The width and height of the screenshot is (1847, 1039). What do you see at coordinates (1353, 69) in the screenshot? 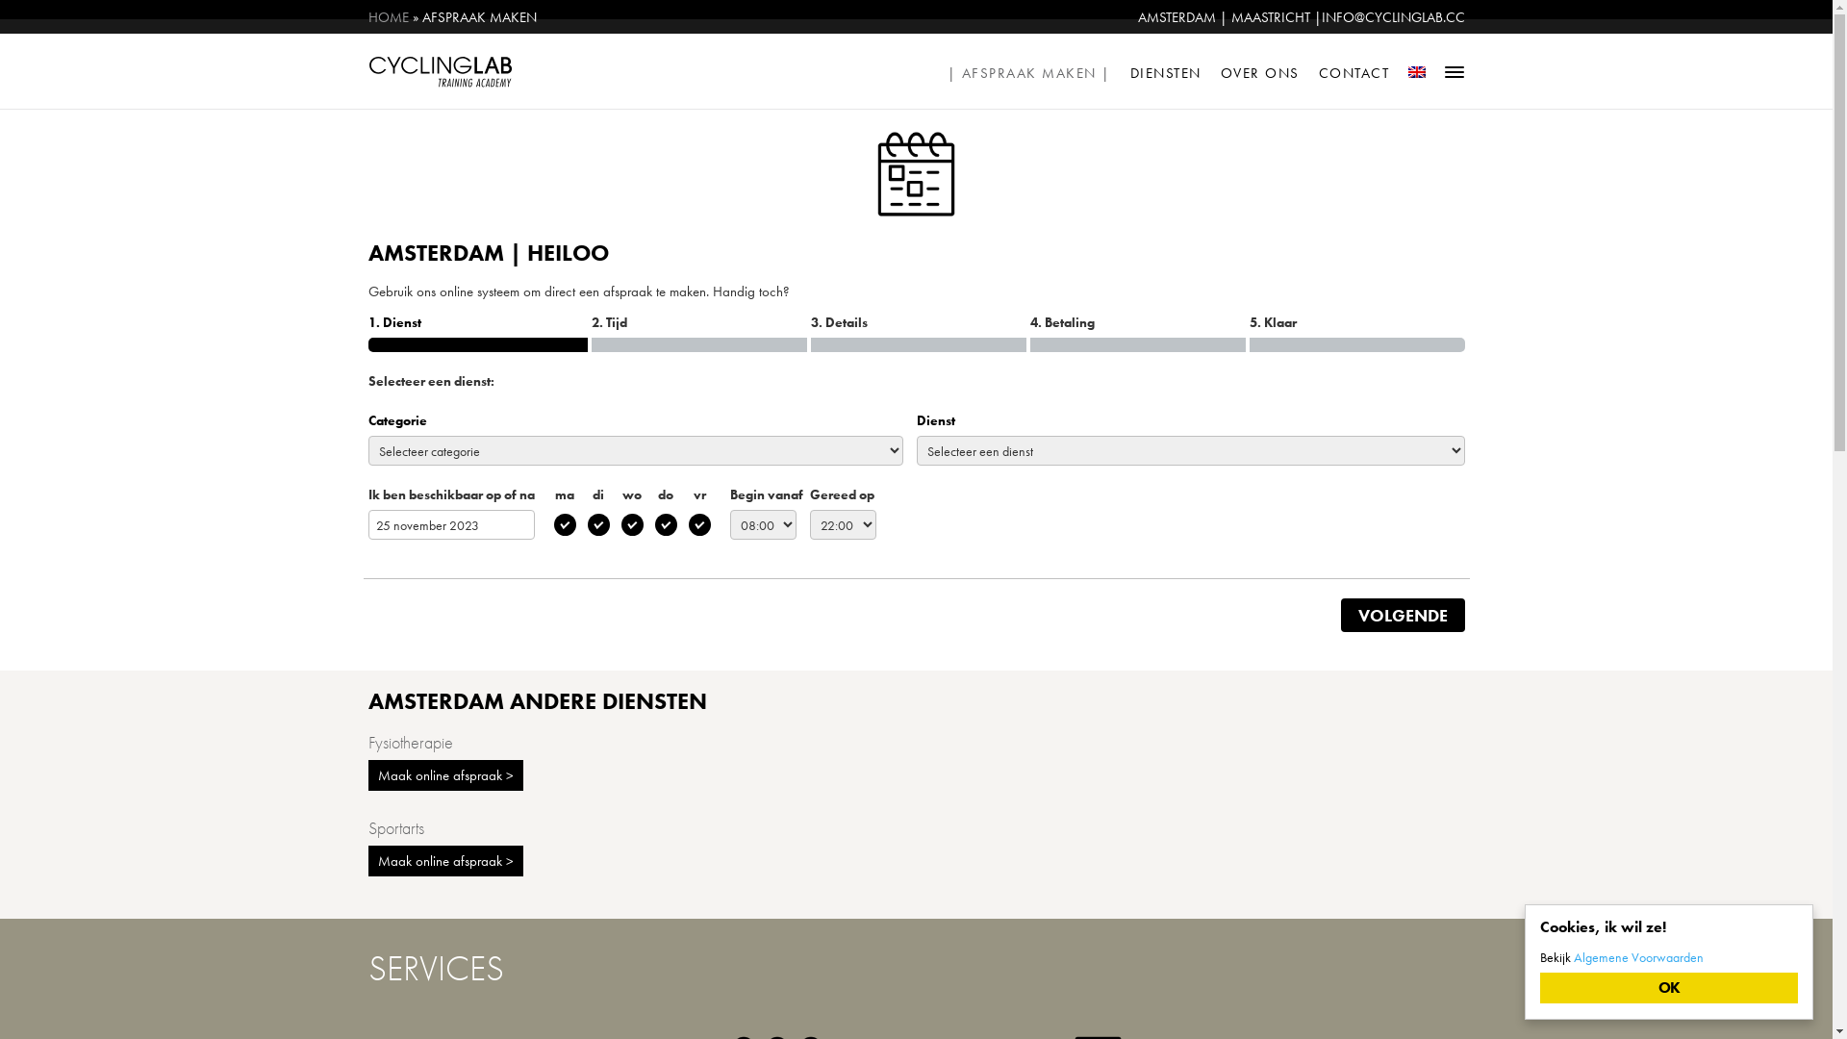
I see `'CONTACT'` at bounding box center [1353, 69].